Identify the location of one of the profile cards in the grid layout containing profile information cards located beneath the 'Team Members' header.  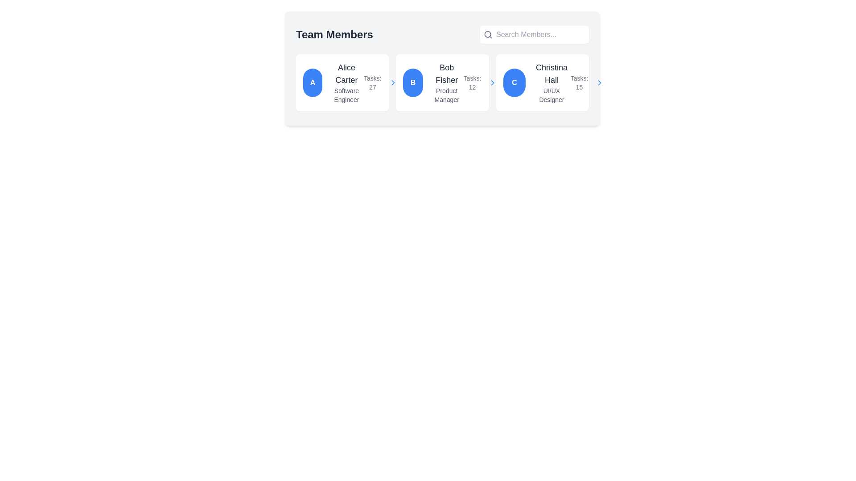
(442, 82).